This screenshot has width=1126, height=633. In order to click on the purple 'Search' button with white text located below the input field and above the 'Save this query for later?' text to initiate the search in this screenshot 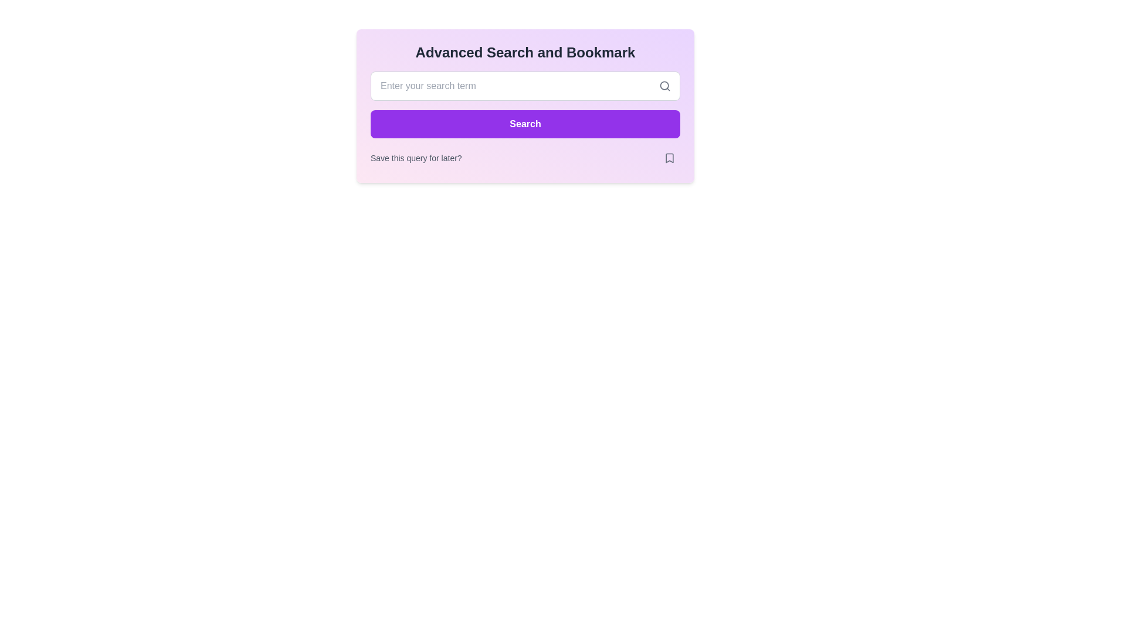, I will do `click(525, 124)`.